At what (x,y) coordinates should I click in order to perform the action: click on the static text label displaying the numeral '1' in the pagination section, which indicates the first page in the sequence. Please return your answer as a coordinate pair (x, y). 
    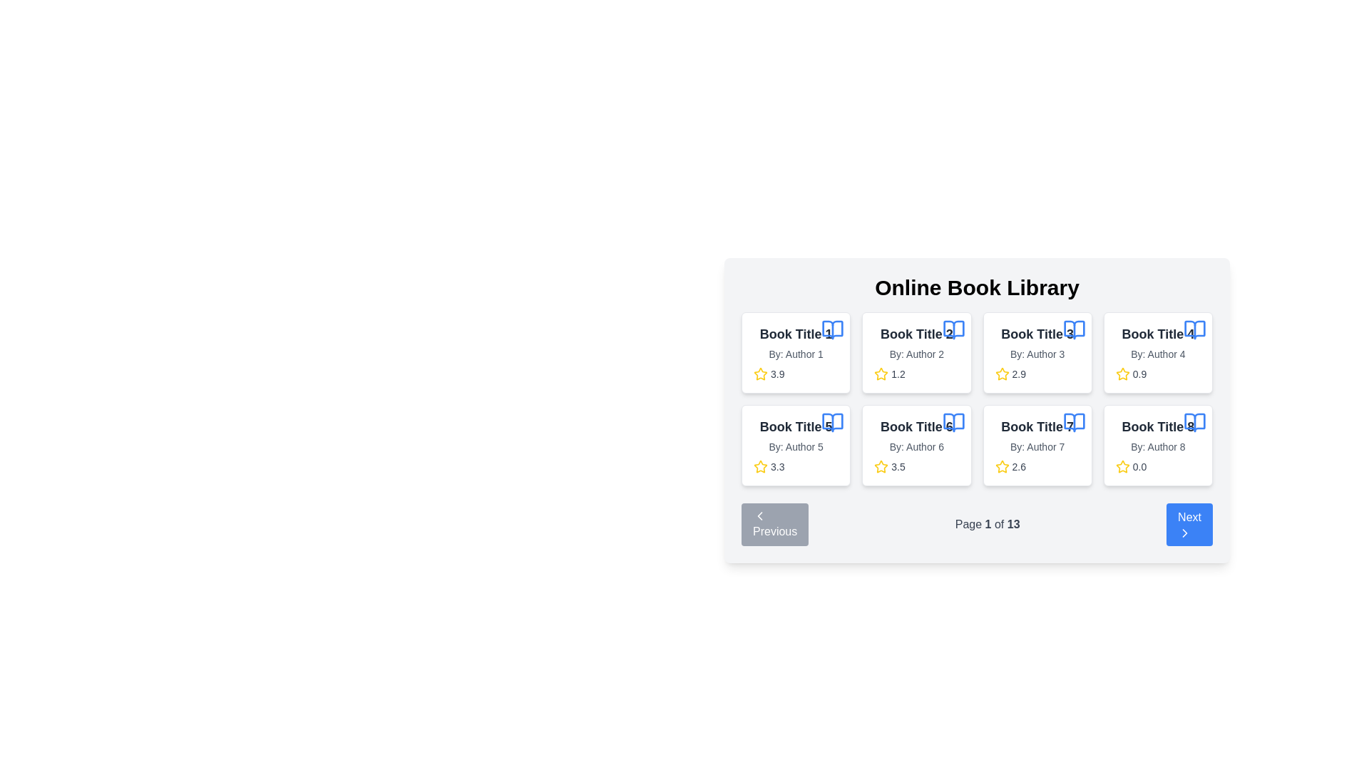
    Looking at the image, I should click on (988, 524).